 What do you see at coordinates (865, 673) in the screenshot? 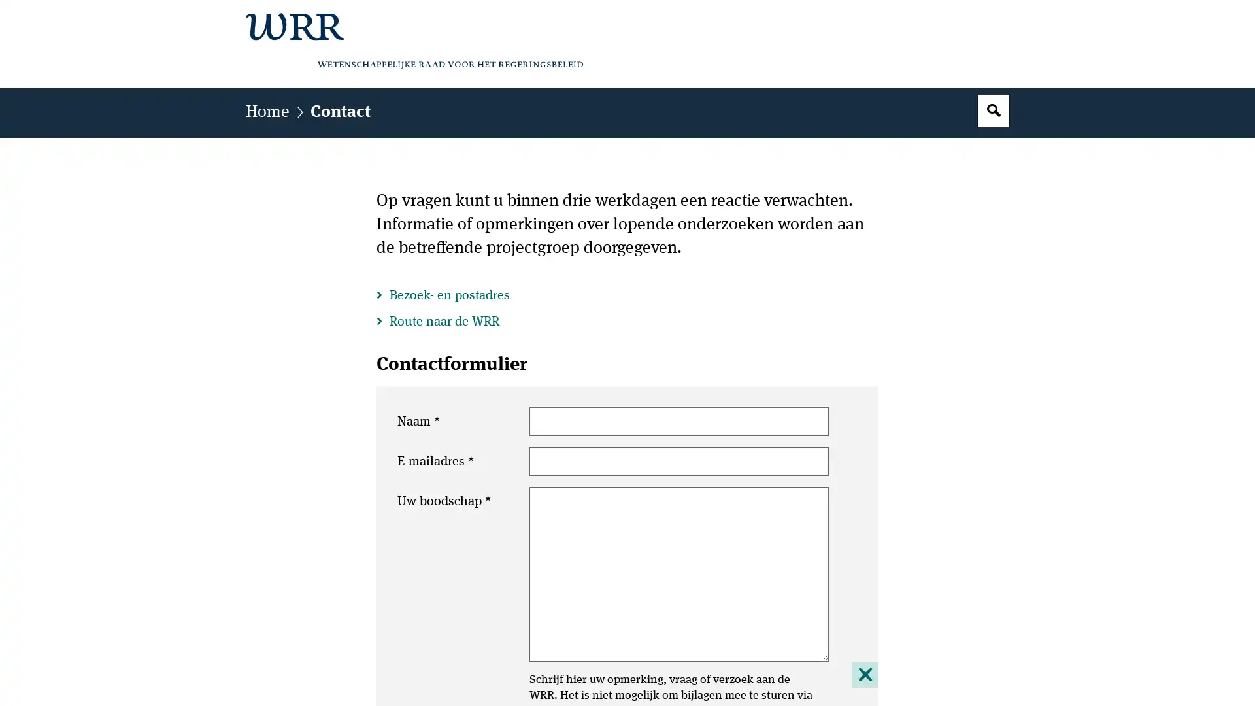
I see `Sluit deze toelichting` at bounding box center [865, 673].